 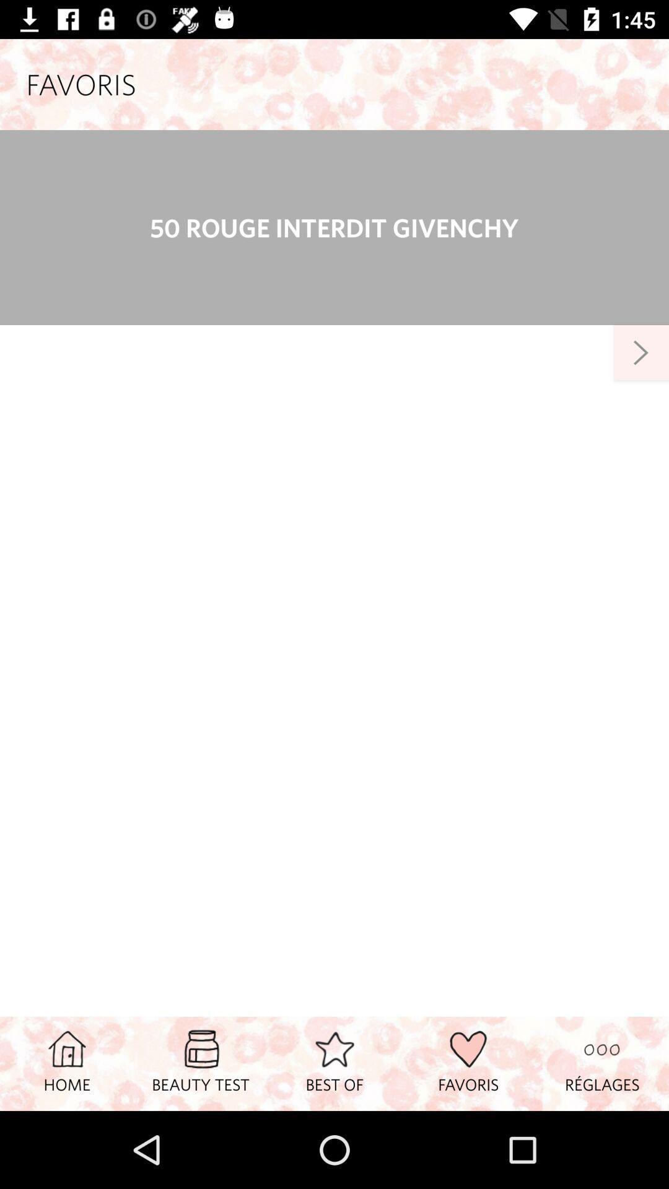 What do you see at coordinates (67, 1063) in the screenshot?
I see `icon to the left of beauty test` at bounding box center [67, 1063].